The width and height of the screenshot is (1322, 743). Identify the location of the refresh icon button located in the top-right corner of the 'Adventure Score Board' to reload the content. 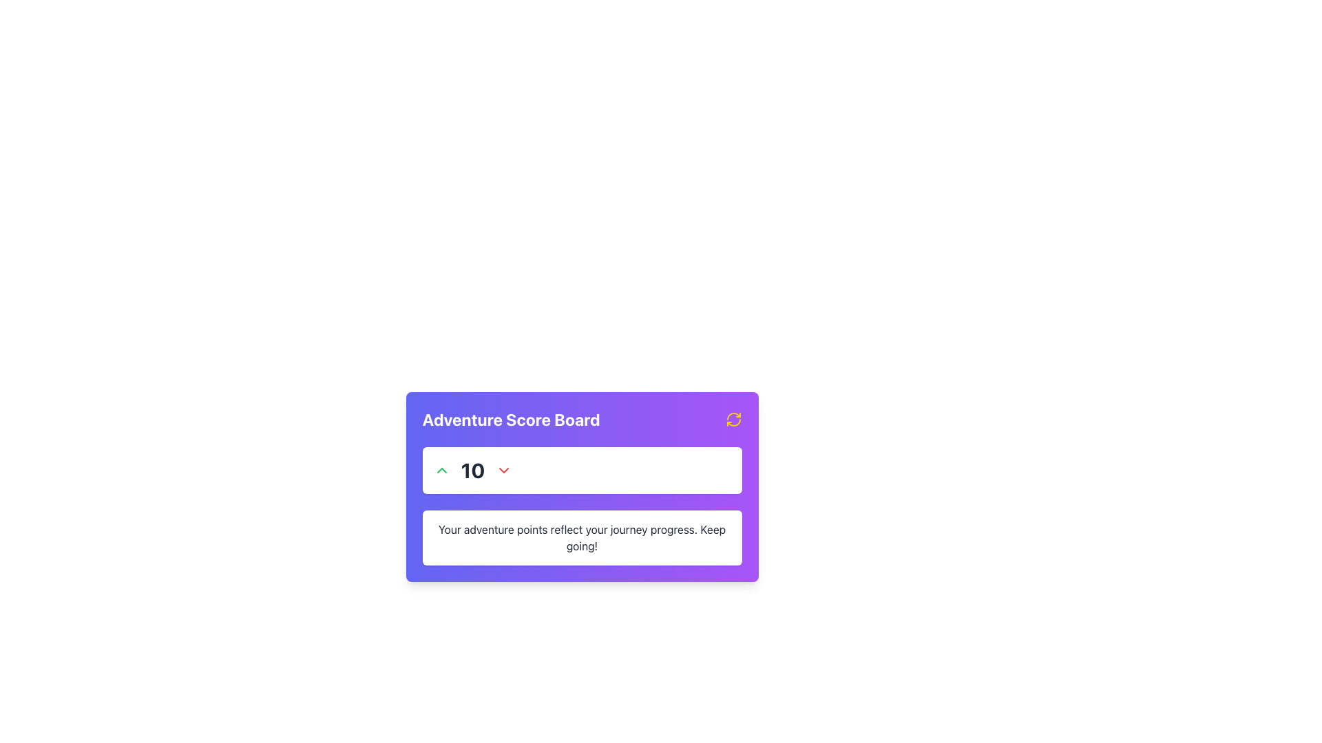
(733, 418).